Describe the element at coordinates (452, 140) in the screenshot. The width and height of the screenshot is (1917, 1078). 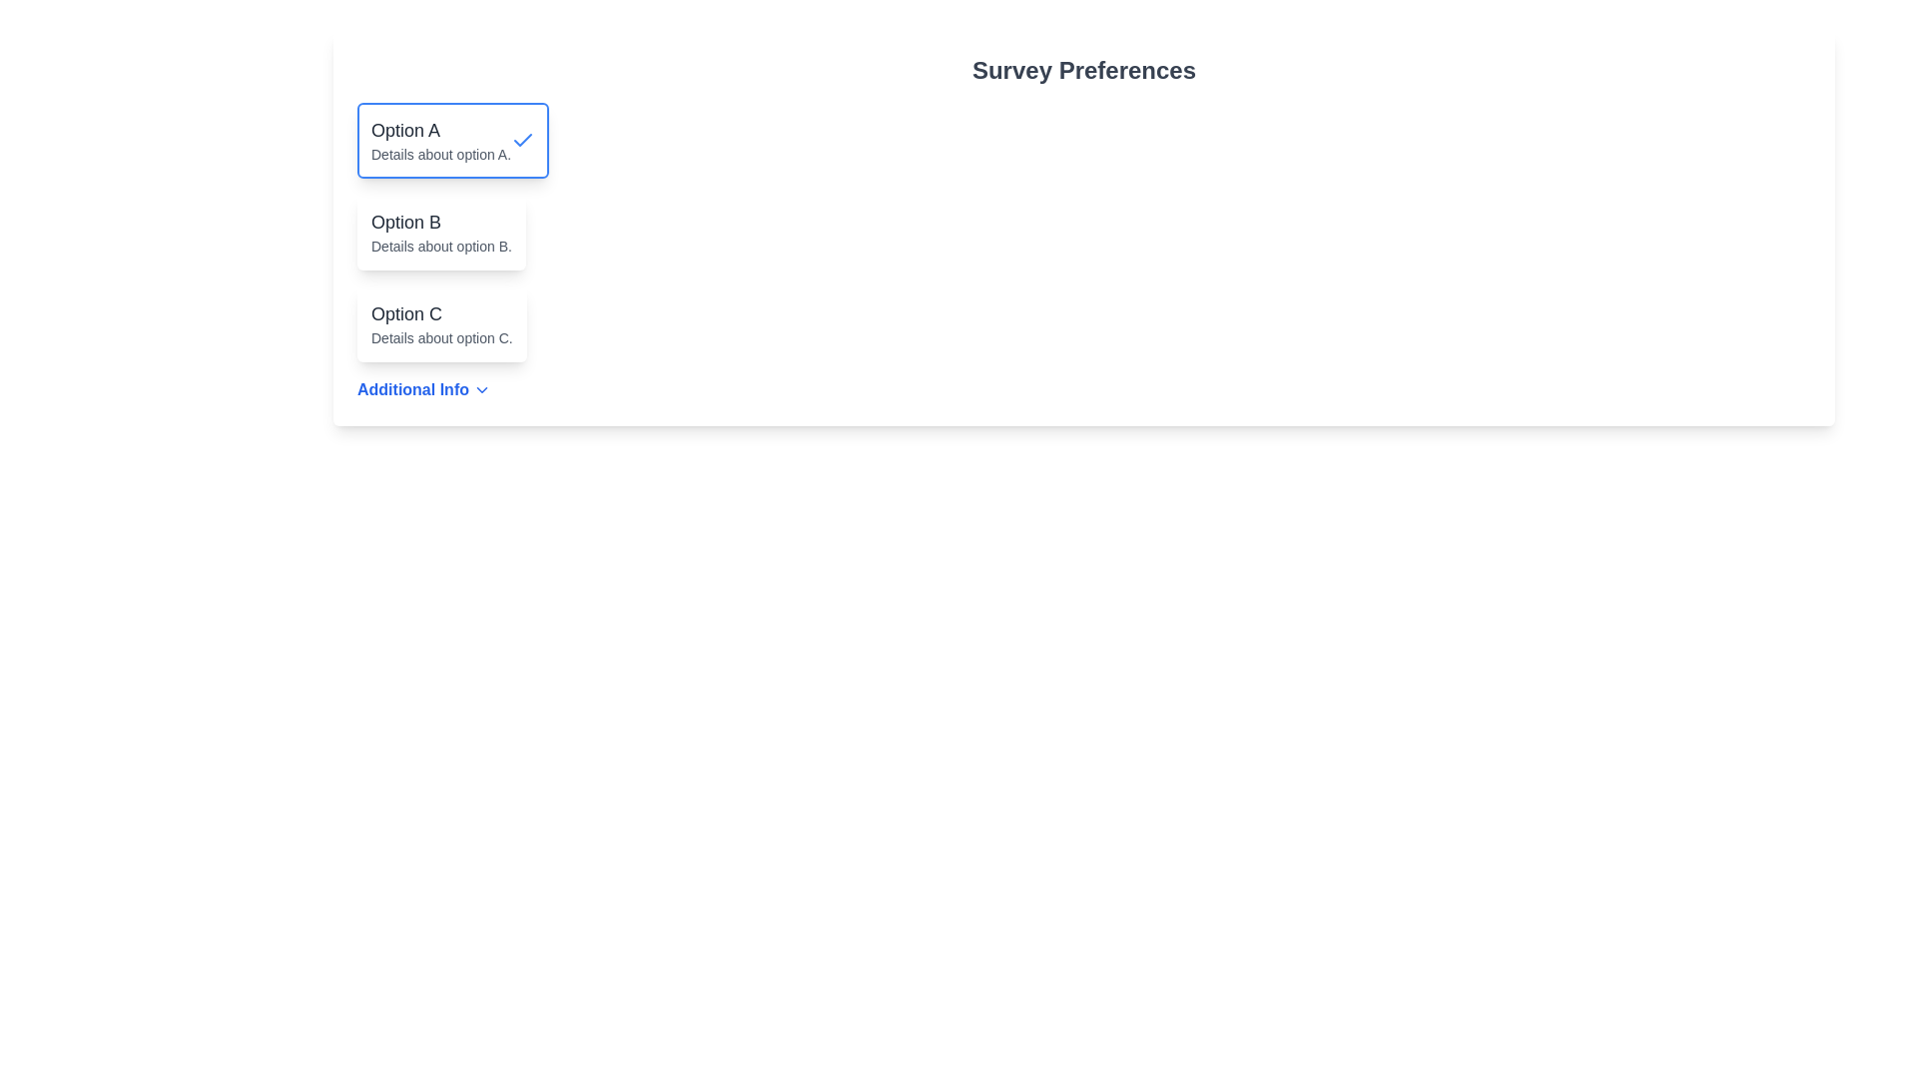
I see `the 'Option A' selectable list item` at that location.